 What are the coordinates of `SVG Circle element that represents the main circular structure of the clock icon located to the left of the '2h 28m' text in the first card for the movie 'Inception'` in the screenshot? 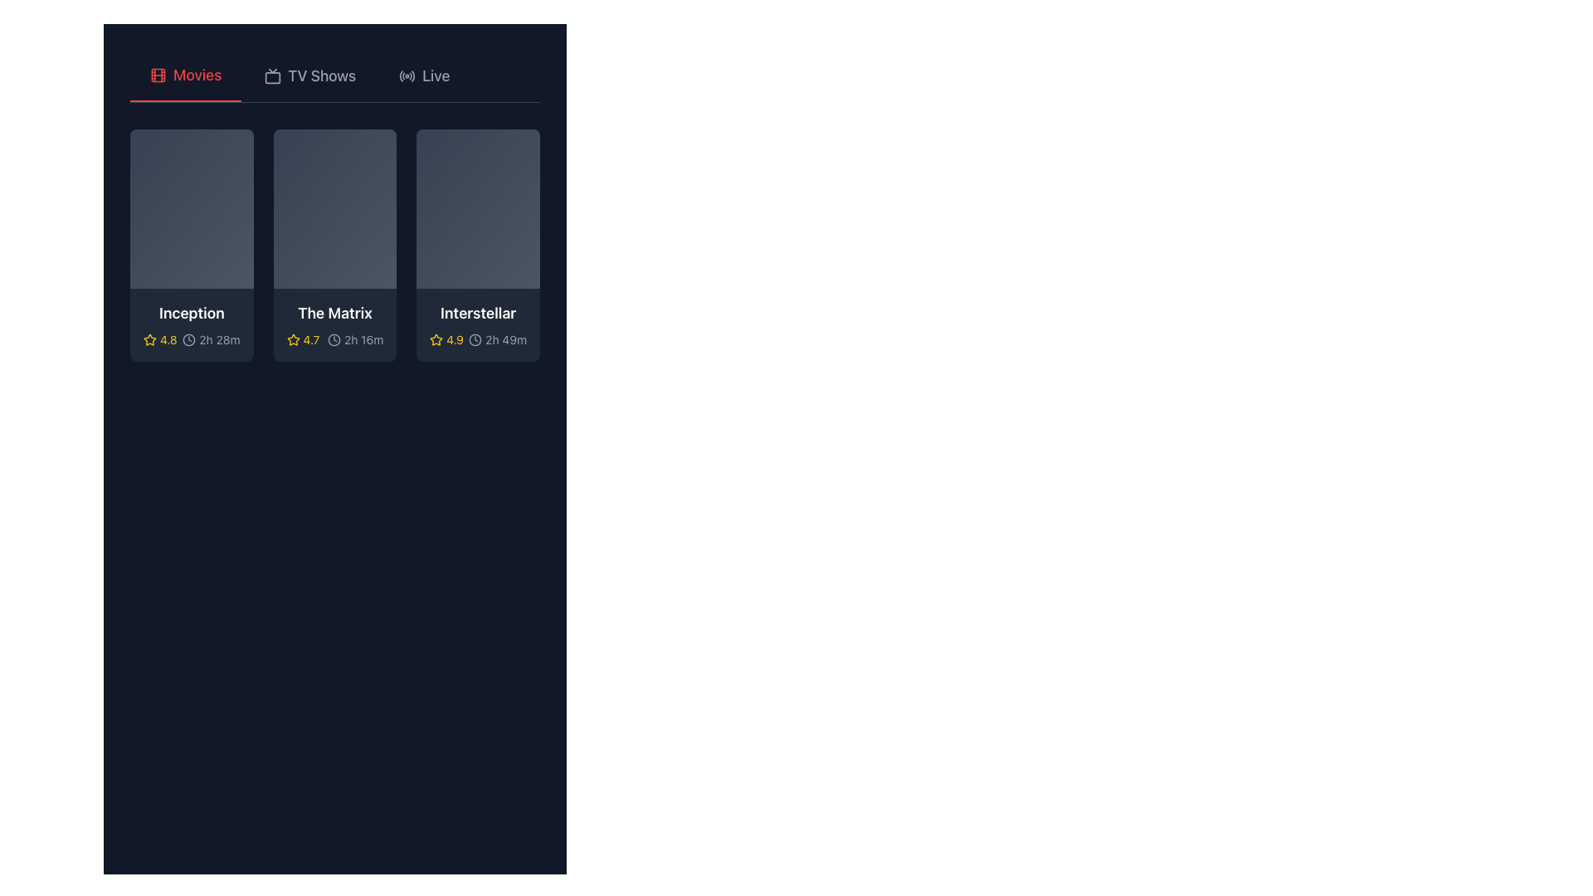 It's located at (189, 338).